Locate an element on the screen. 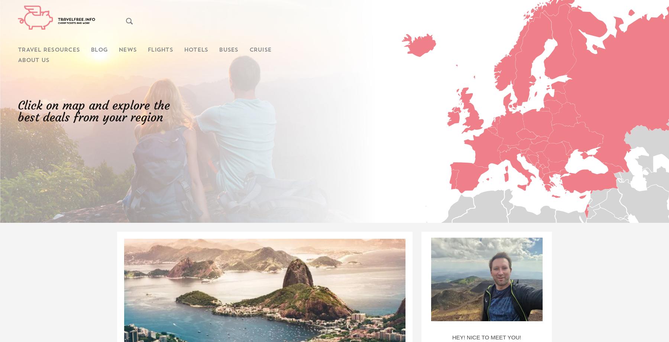 Image resolution: width=669 pixels, height=342 pixels. 'Hotels' is located at coordinates (195, 50).